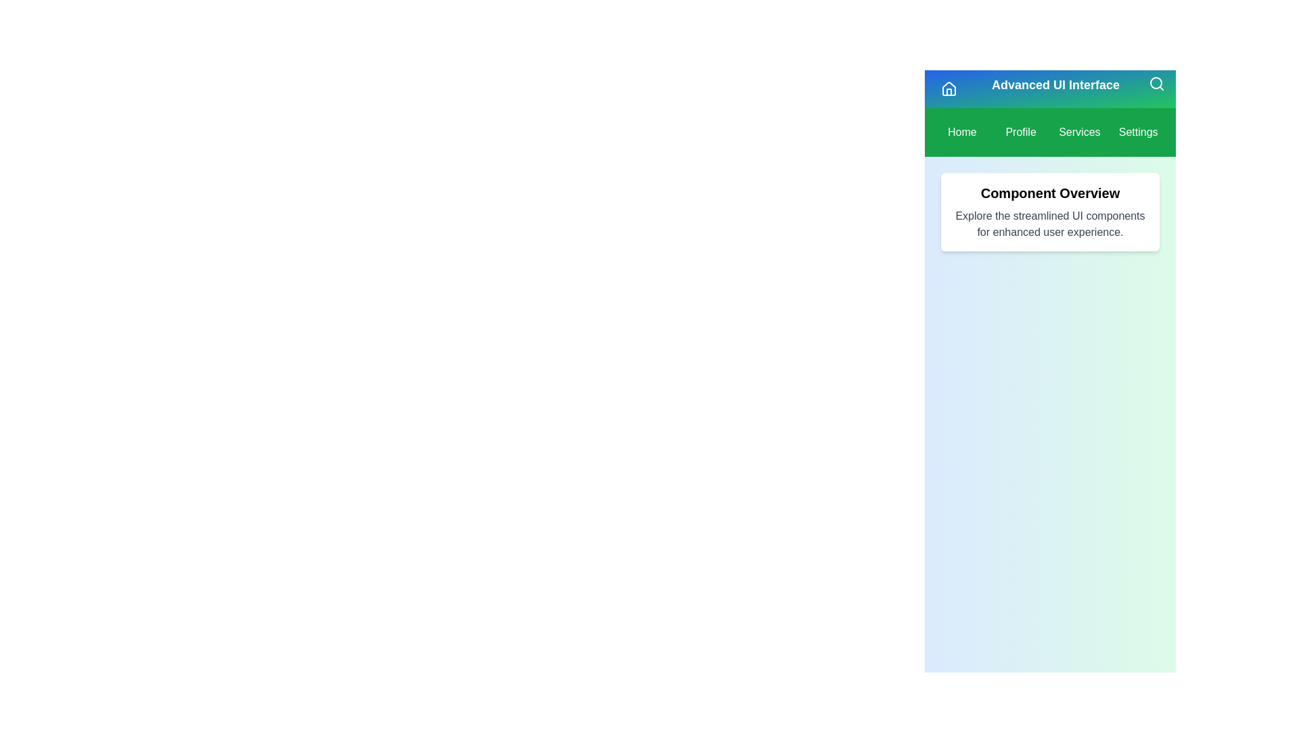 This screenshot has width=1299, height=730. I want to click on the menu item Home to navigate to the corresponding section, so click(961, 132).